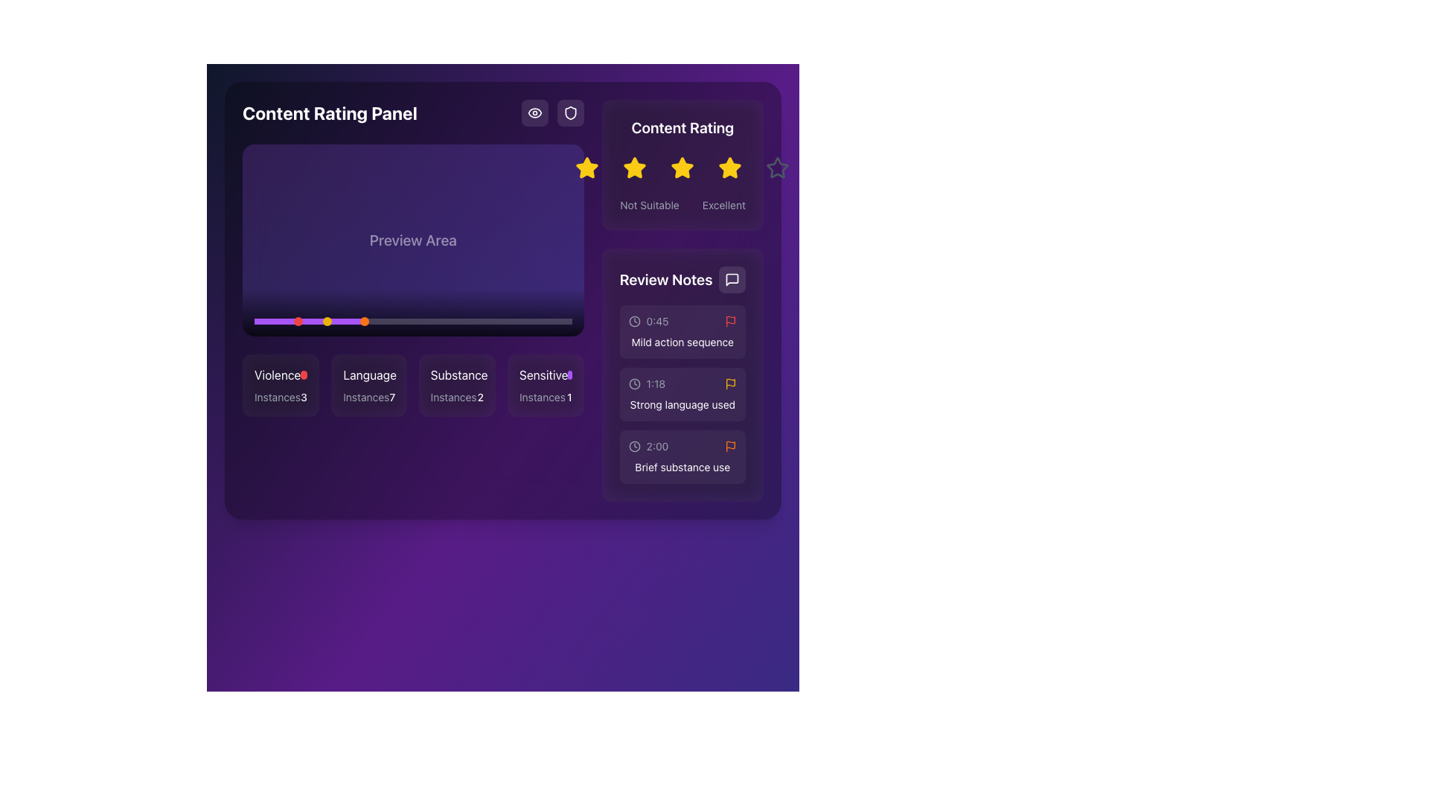 This screenshot has height=804, width=1429. Describe the element at coordinates (649, 205) in the screenshot. I see `the static text element displaying 'Not Suitable', which is positioned to the left of 'Excellent' in the 'Content Rating' section` at that location.